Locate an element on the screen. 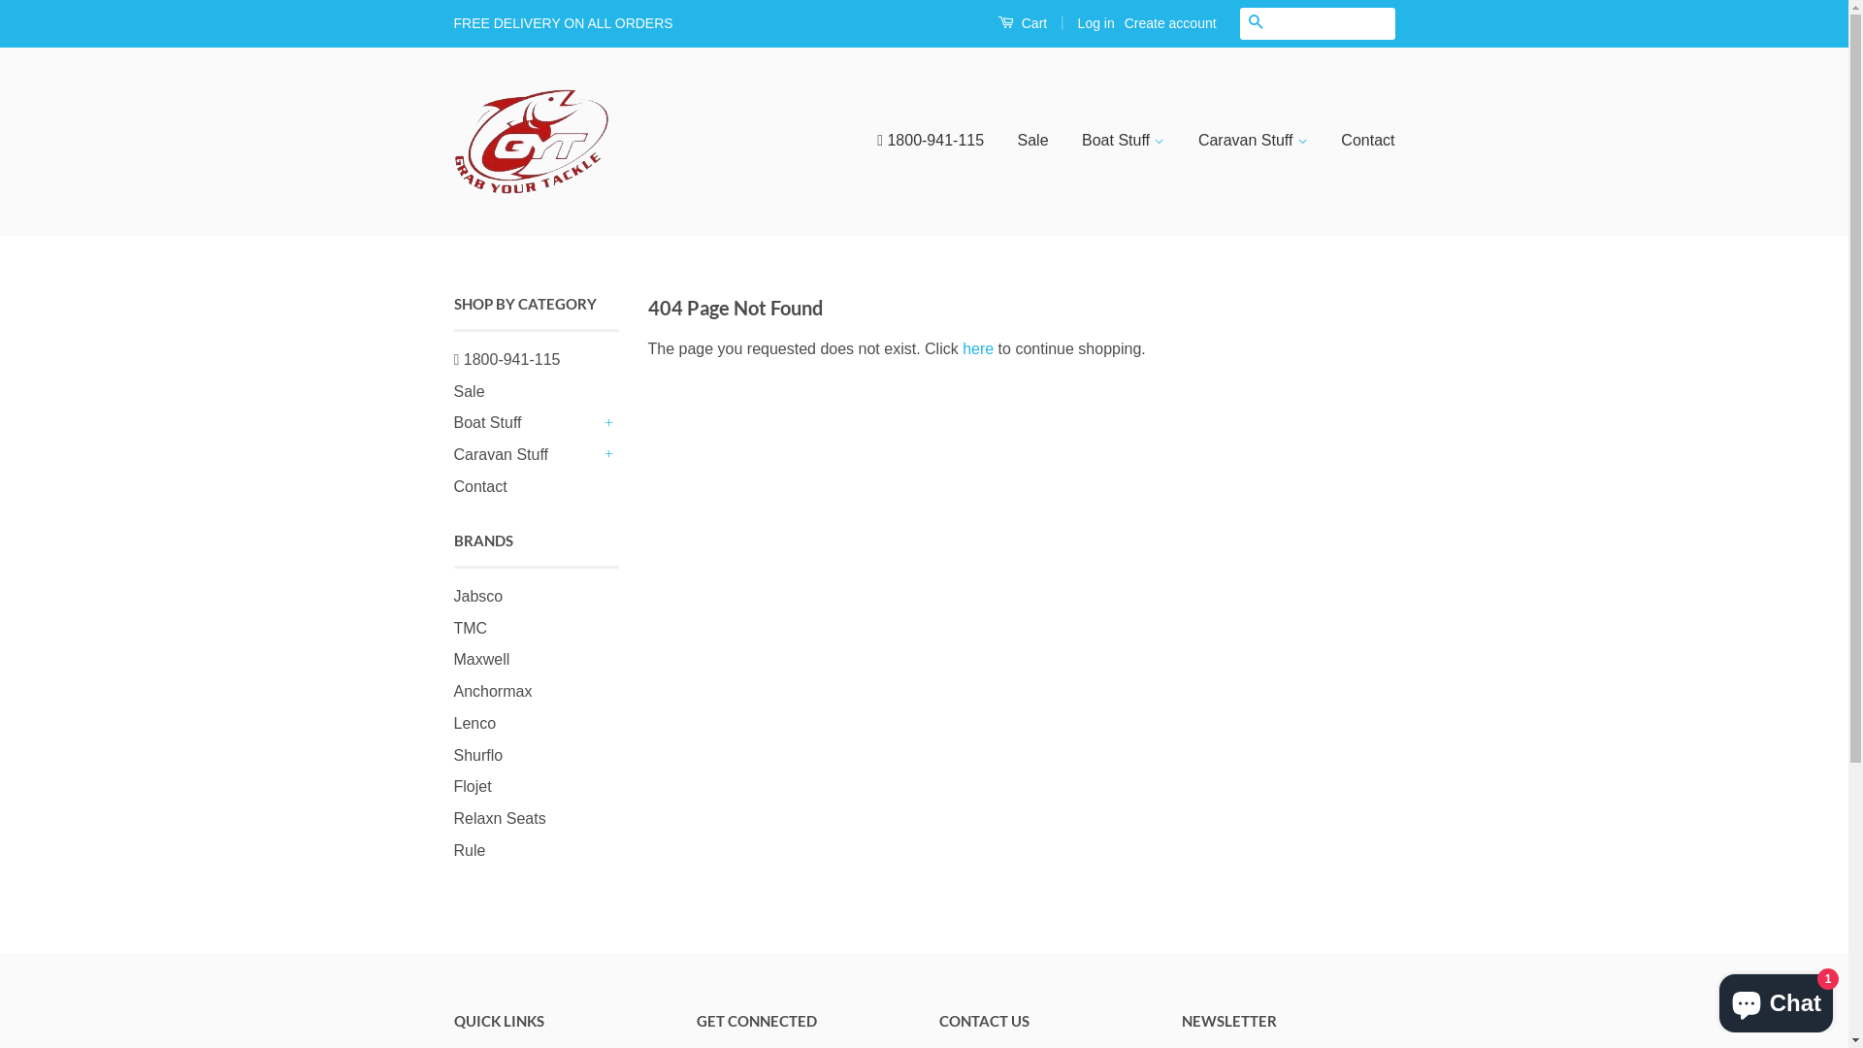 This screenshot has height=1048, width=1863. 'Flojet' is located at coordinates (473, 786).